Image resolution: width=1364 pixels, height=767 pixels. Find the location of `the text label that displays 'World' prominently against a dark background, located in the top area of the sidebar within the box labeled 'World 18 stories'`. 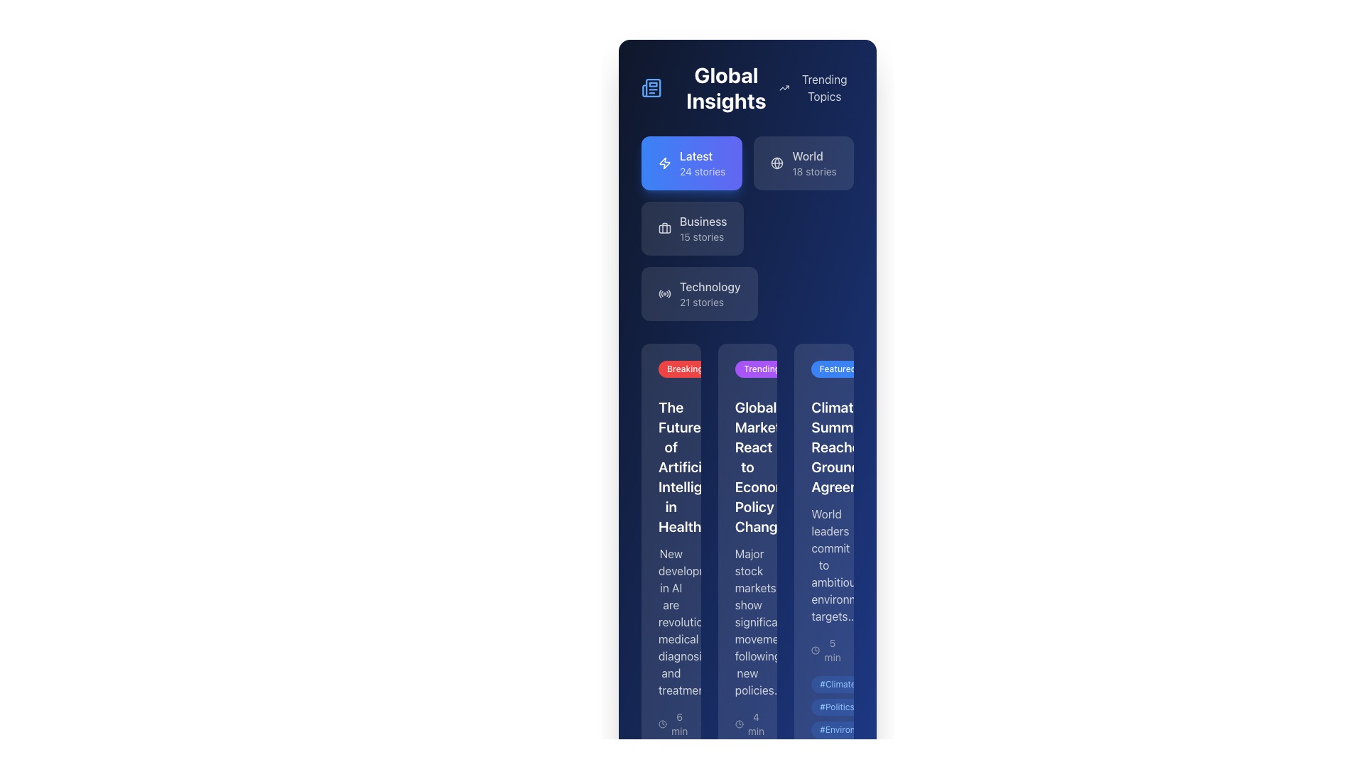

the text label that displays 'World' prominently against a dark background, located in the top area of the sidebar within the box labeled 'World 18 stories' is located at coordinates (814, 156).